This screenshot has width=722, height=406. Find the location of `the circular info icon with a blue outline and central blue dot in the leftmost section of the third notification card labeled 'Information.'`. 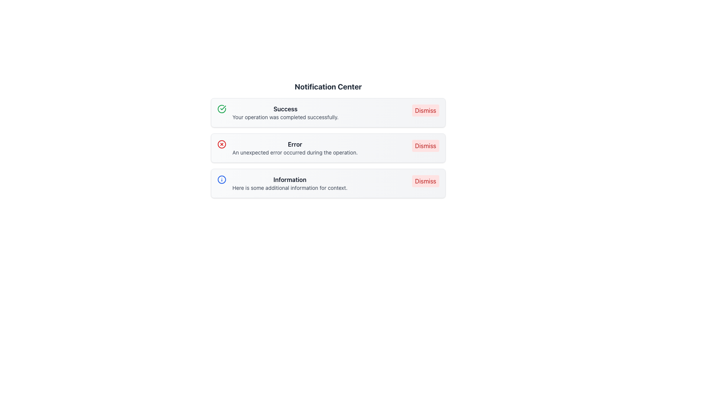

the circular info icon with a blue outline and central blue dot in the leftmost section of the third notification card labeled 'Information.' is located at coordinates (221, 180).